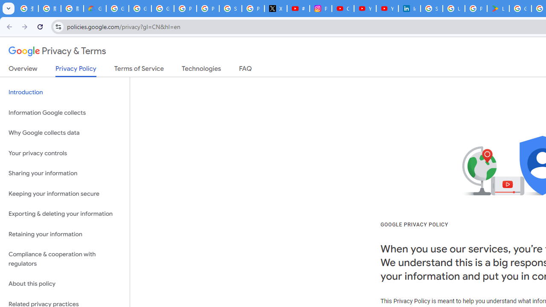  Describe the element at coordinates (64, 133) in the screenshot. I see `'Why Google collects data'` at that location.